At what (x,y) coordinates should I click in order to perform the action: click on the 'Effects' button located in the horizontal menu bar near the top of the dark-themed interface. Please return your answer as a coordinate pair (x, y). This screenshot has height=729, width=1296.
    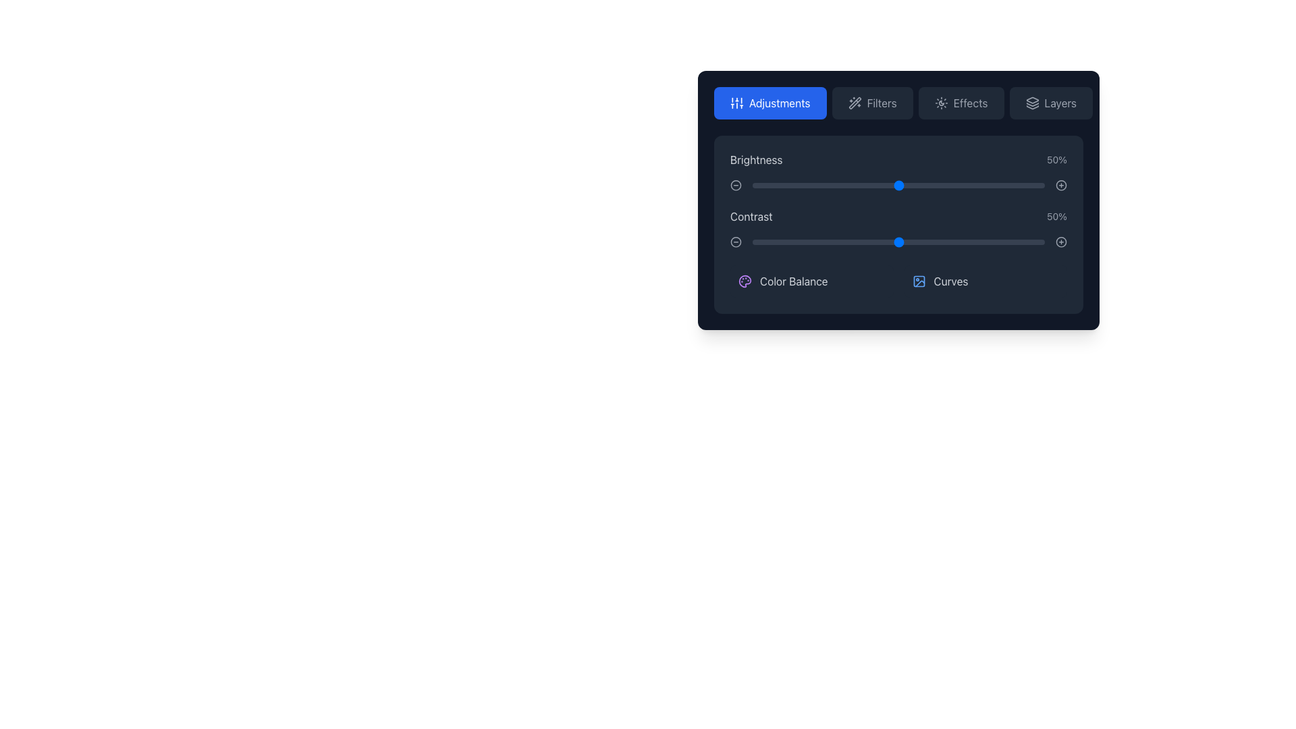
    Looking at the image, I should click on (961, 103).